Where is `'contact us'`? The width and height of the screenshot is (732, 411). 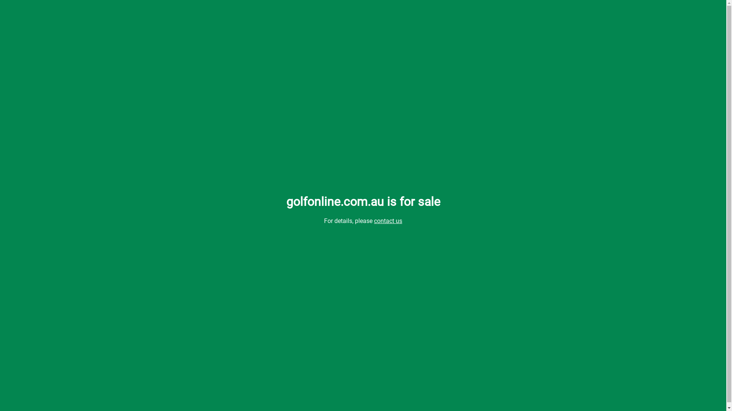 'contact us' is located at coordinates (388, 221).